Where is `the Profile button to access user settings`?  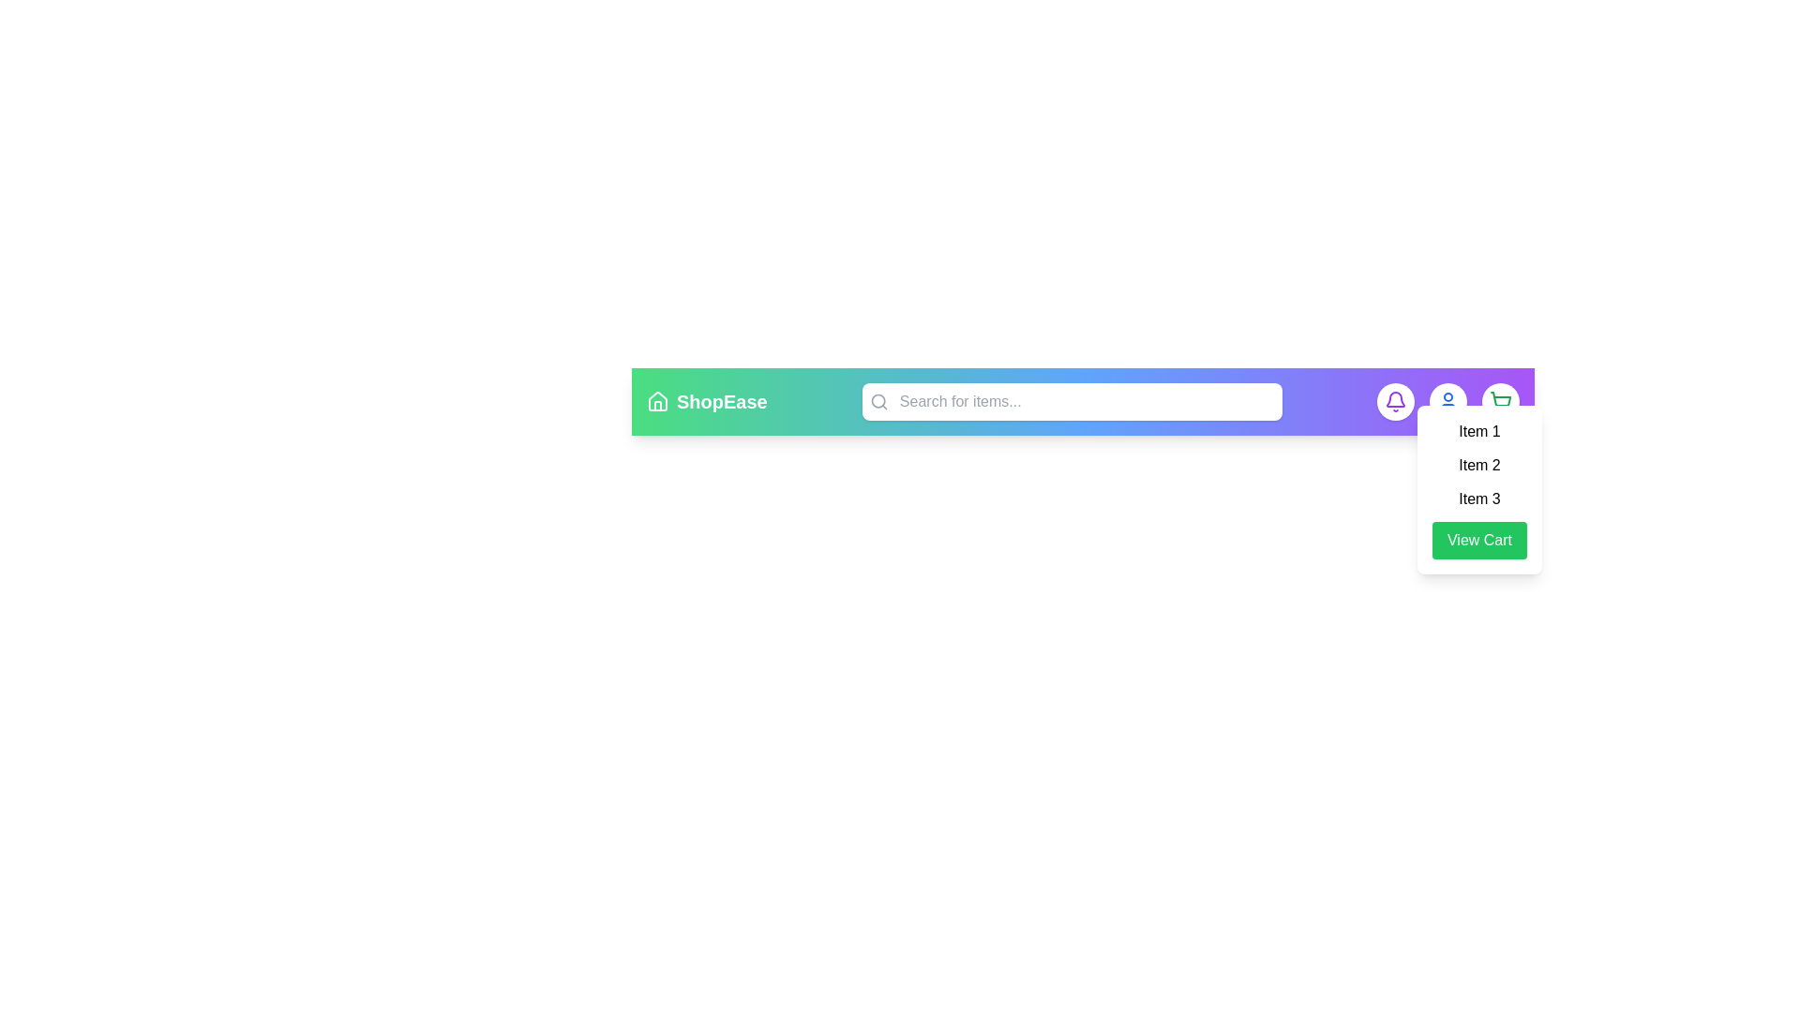 the Profile button to access user settings is located at coordinates (1447, 400).